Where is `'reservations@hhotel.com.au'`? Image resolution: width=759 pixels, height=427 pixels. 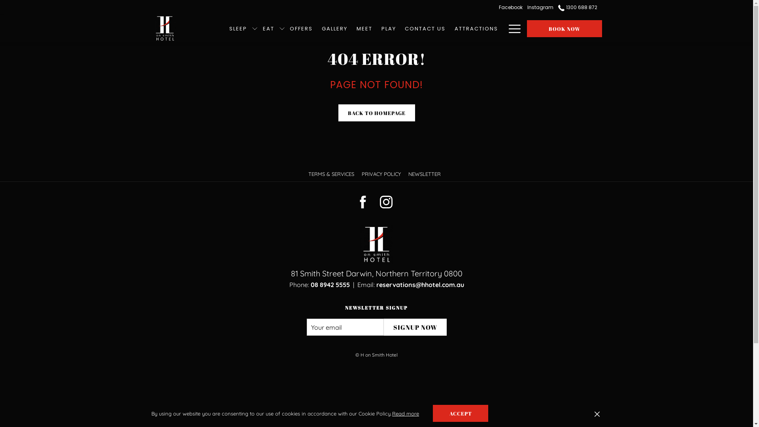
'reservations@hhotel.com.au' is located at coordinates (419, 285).